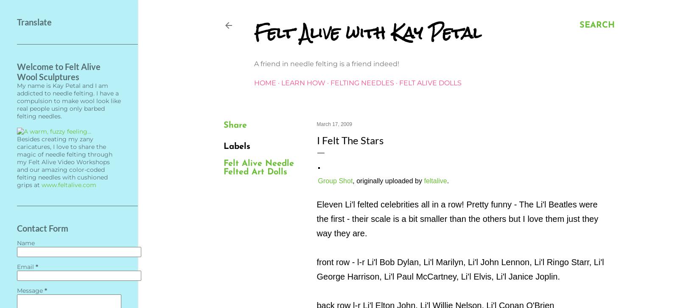  What do you see at coordinates (367, 33) in the screenshot?
I see `'Felt Alive with Kay Petal'` at bounding box center [367, 33].